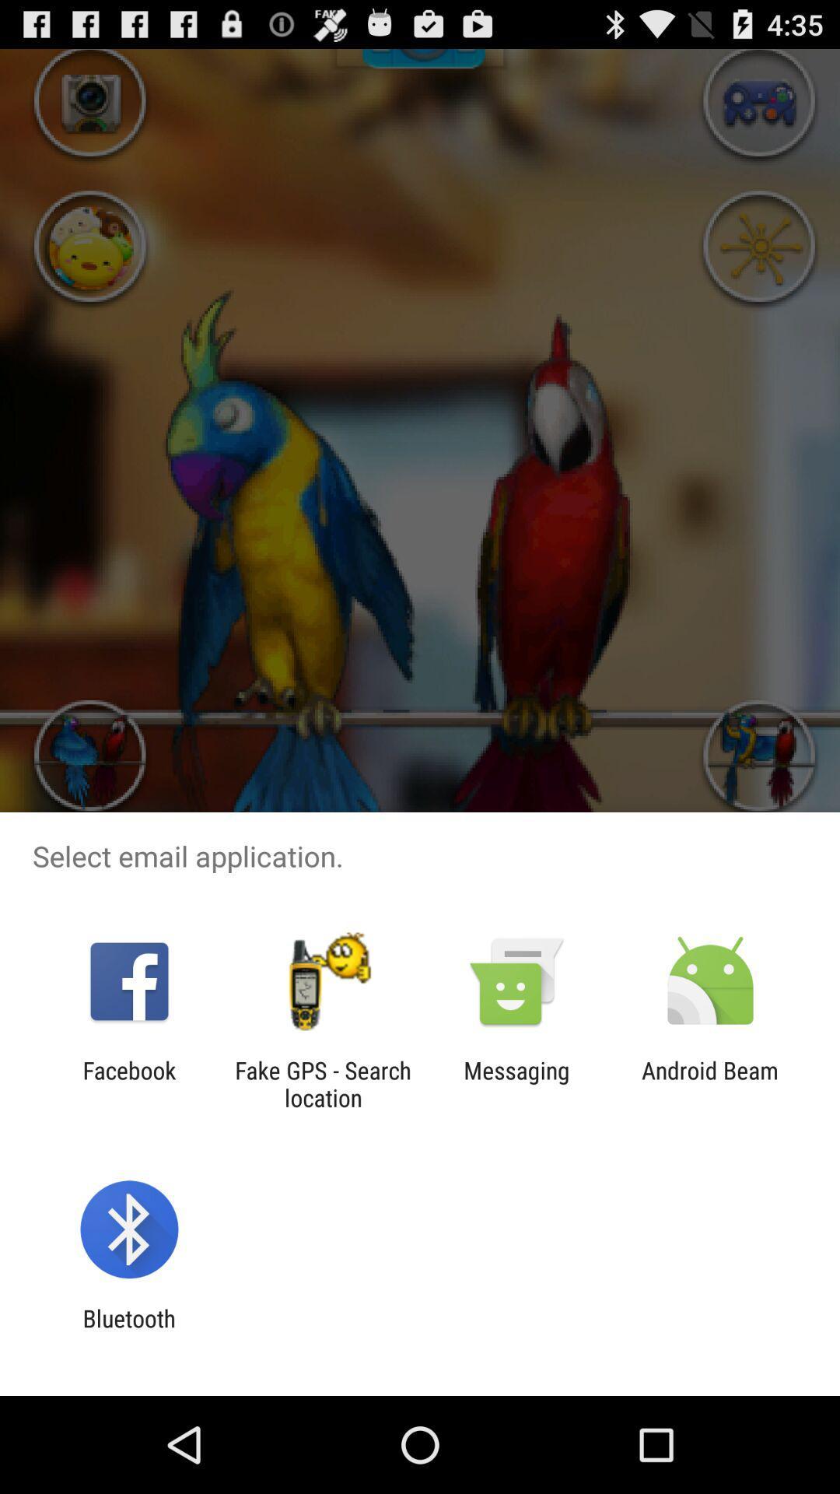  I want to click on item to the right of the messaging item, so click(710, 1083).